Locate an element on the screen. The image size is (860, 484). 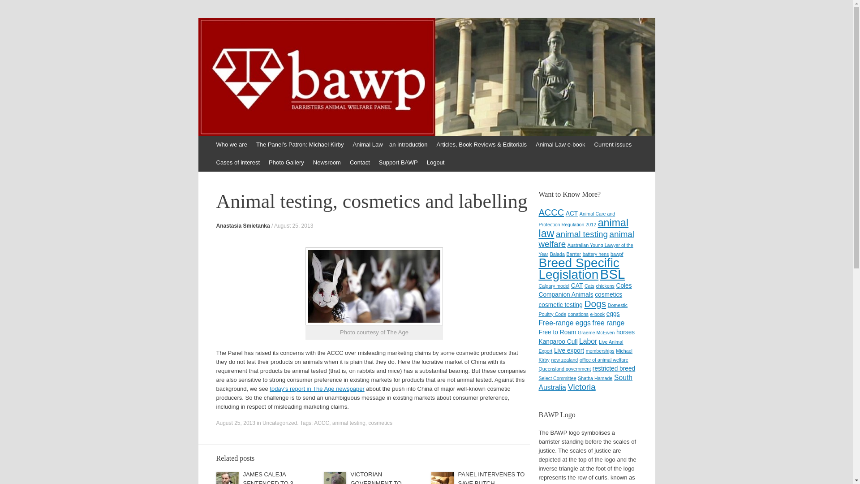
'Barrter' is located at coordinates (573, 254).